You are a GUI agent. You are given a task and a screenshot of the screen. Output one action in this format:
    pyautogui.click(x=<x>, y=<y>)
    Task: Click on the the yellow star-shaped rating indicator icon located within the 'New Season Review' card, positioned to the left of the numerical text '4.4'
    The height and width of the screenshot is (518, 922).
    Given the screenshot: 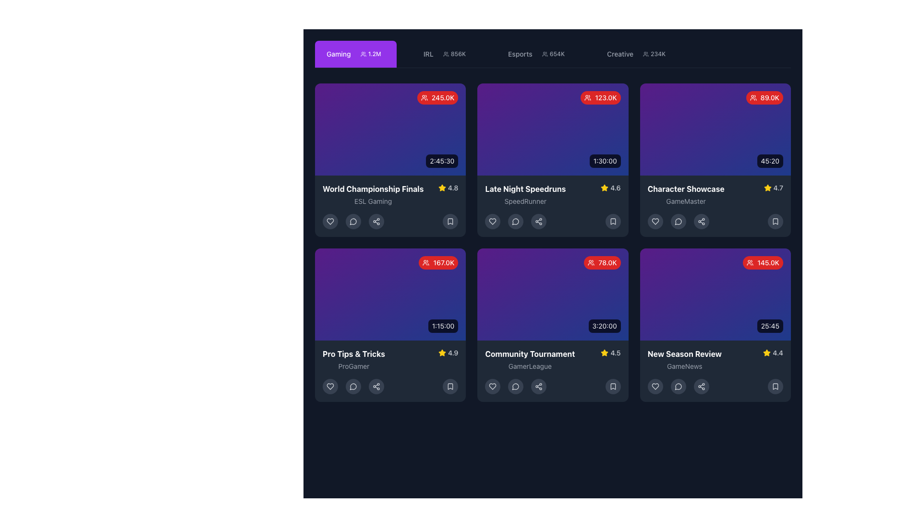 What is the action you would take?
    pyautogui.click(x=766, y=353)
    